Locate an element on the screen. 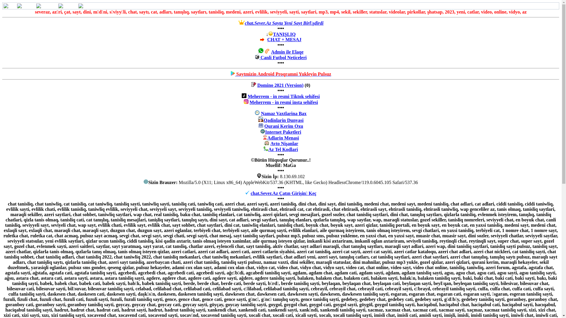 The image size is (566, 318). 'Namaz Vaxtlarina Bax' is located at coordinates (260, 113).